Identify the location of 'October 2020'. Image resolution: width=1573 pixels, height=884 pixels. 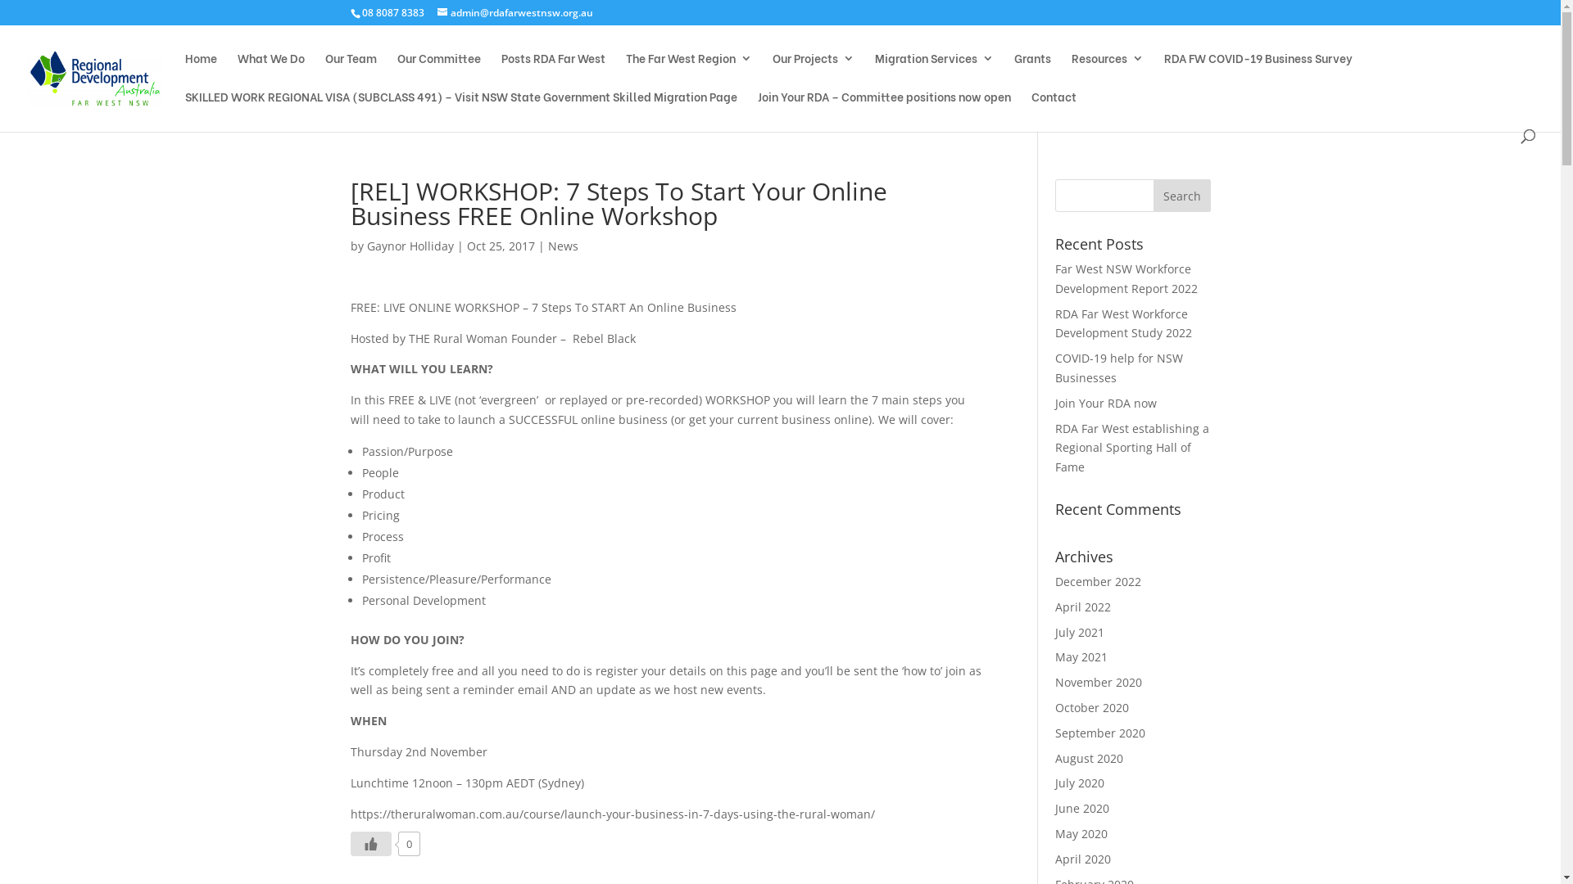
(1092, 706).